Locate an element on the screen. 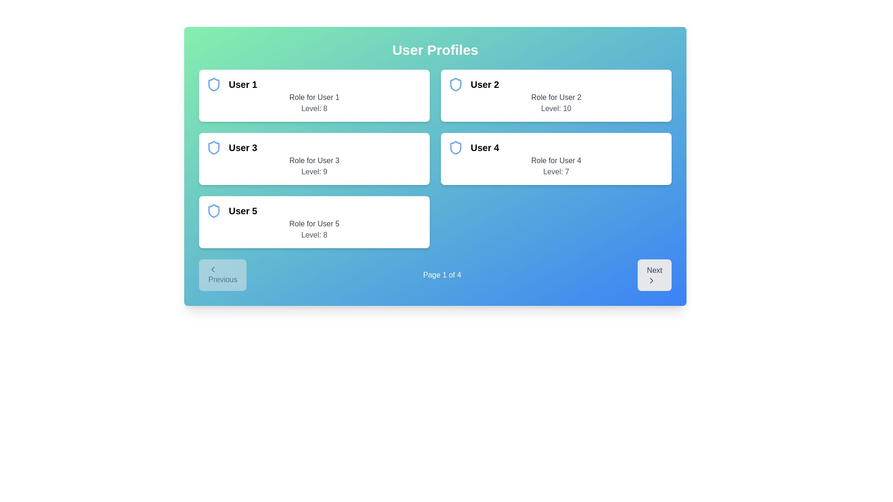 The image size is (893, 502). the specific text or icon within the user information card located in the second column of the second row, which displays the user's name, role, and level is located at coordinates (556, 159).